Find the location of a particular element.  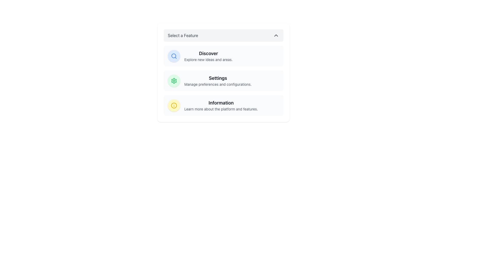

text label located in the 'Information' section, which provides context about the 'Information' feature is located at coordinates (221, 109).